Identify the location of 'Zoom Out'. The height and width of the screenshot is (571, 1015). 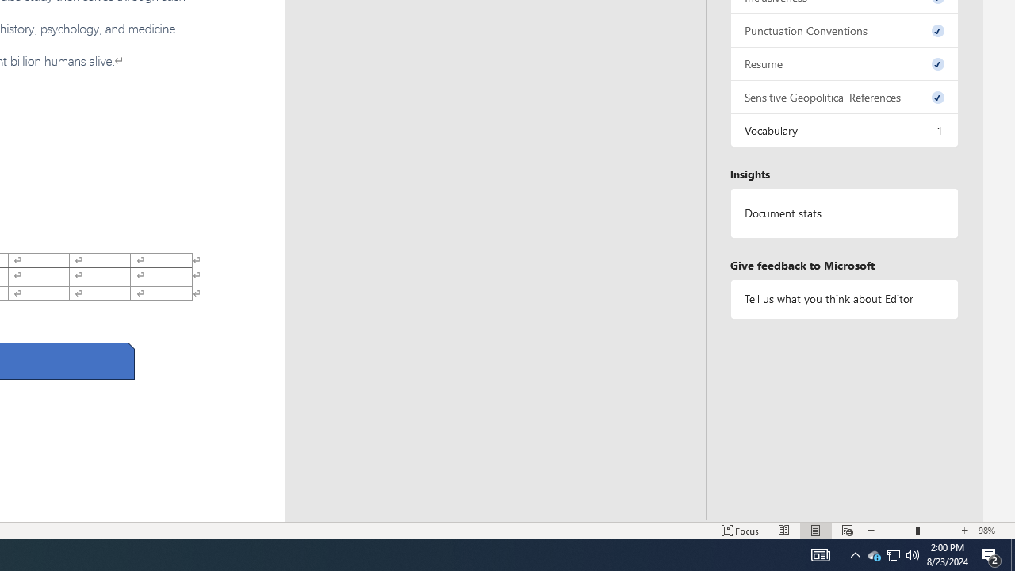
(897, 531).